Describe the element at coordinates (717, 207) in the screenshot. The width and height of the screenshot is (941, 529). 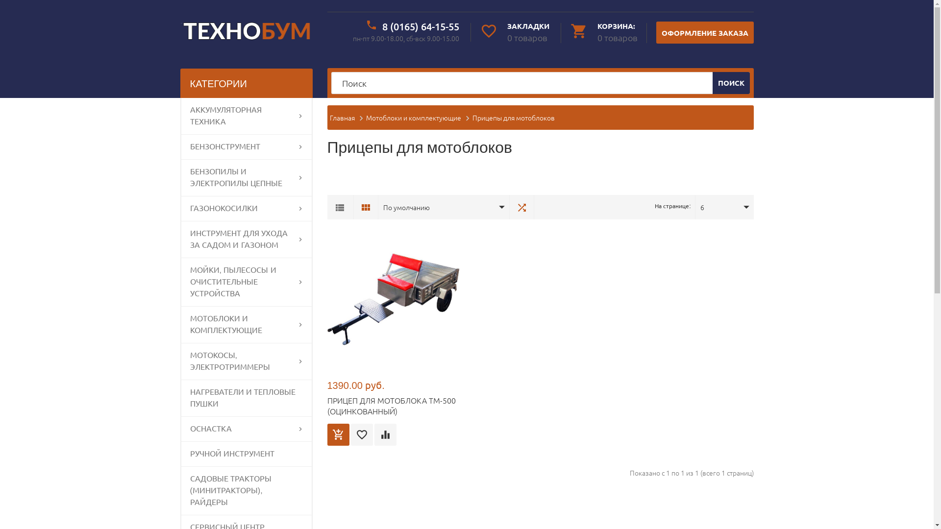
I see `'6'` at that location.